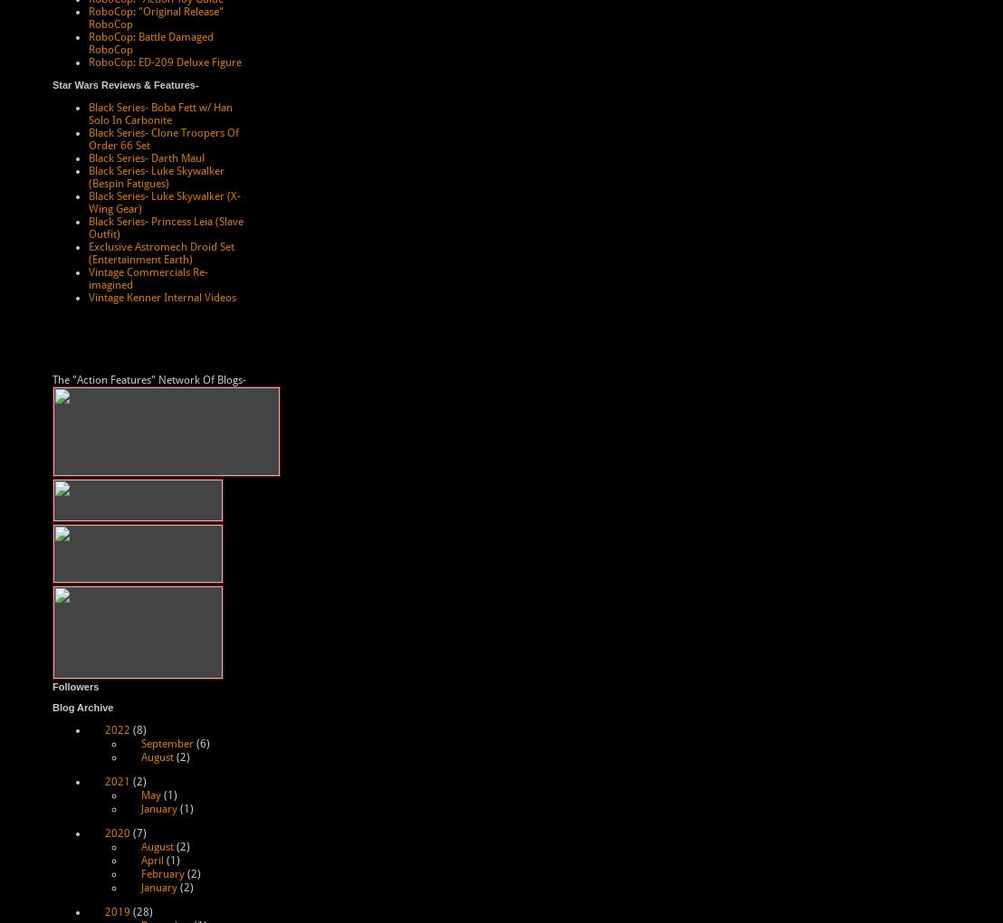 This screenshot has width=1003, height=923. Describe the element at coordinates (88, 139) in the screenshot. I see `'Black Series- Clone Troopers Of Order 66 Set'` at that location.